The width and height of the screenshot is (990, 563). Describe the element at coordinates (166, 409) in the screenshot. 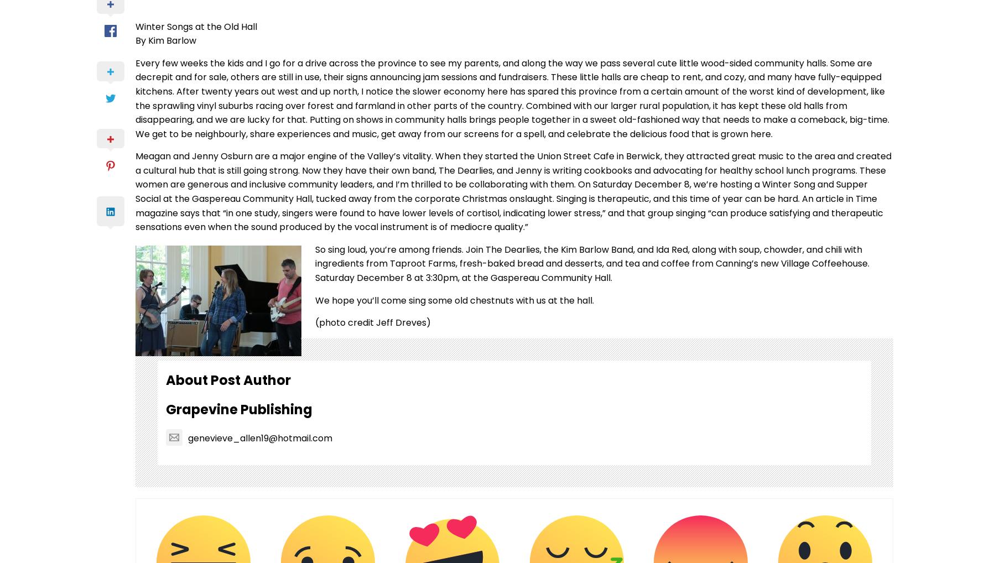

I see `'Grapevine Publishing'` at that location.